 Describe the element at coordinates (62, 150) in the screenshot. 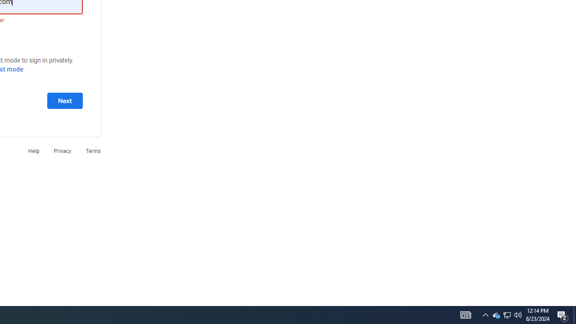

I see `'Privacy'` at that location.